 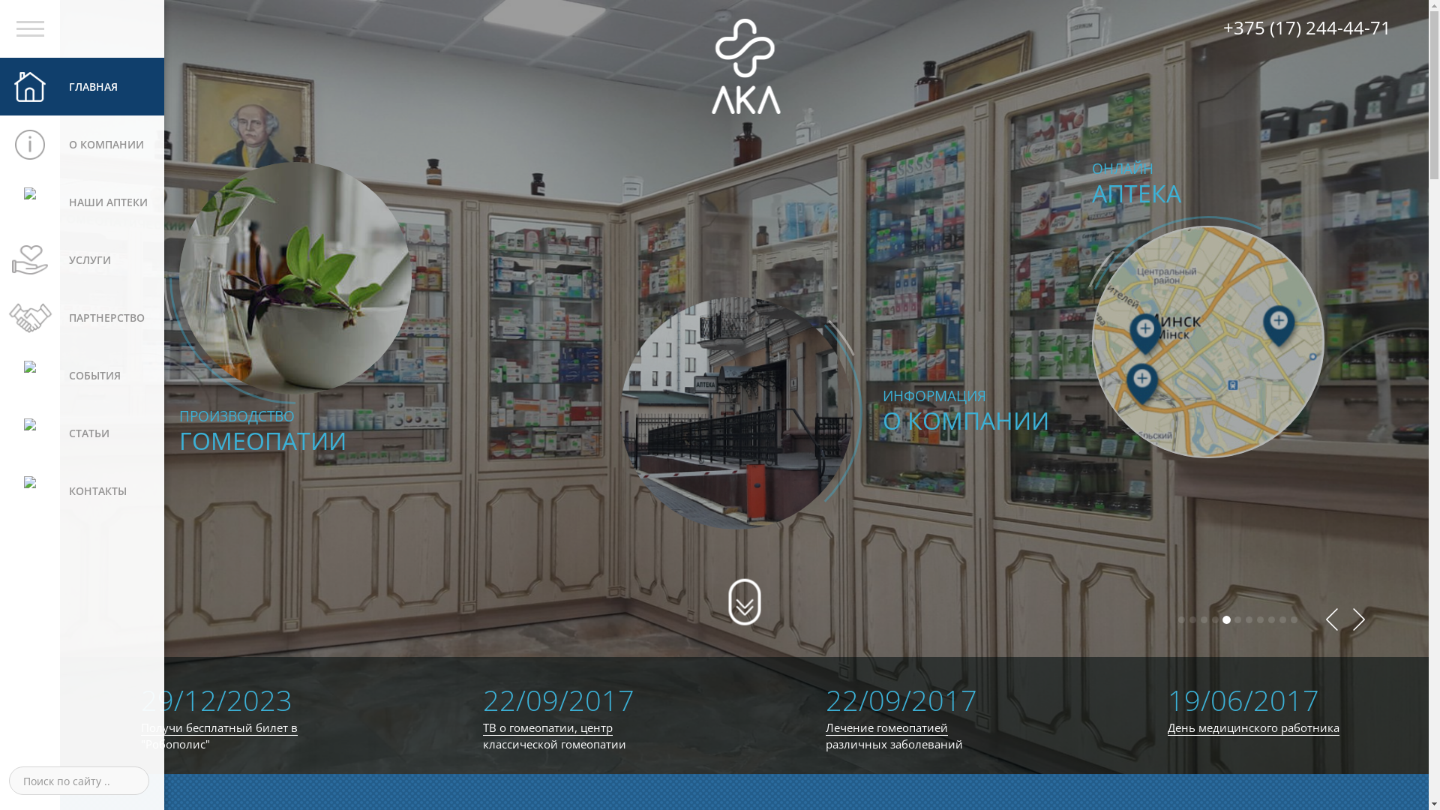 I want to click on '4', so click(x=1215, y=619).